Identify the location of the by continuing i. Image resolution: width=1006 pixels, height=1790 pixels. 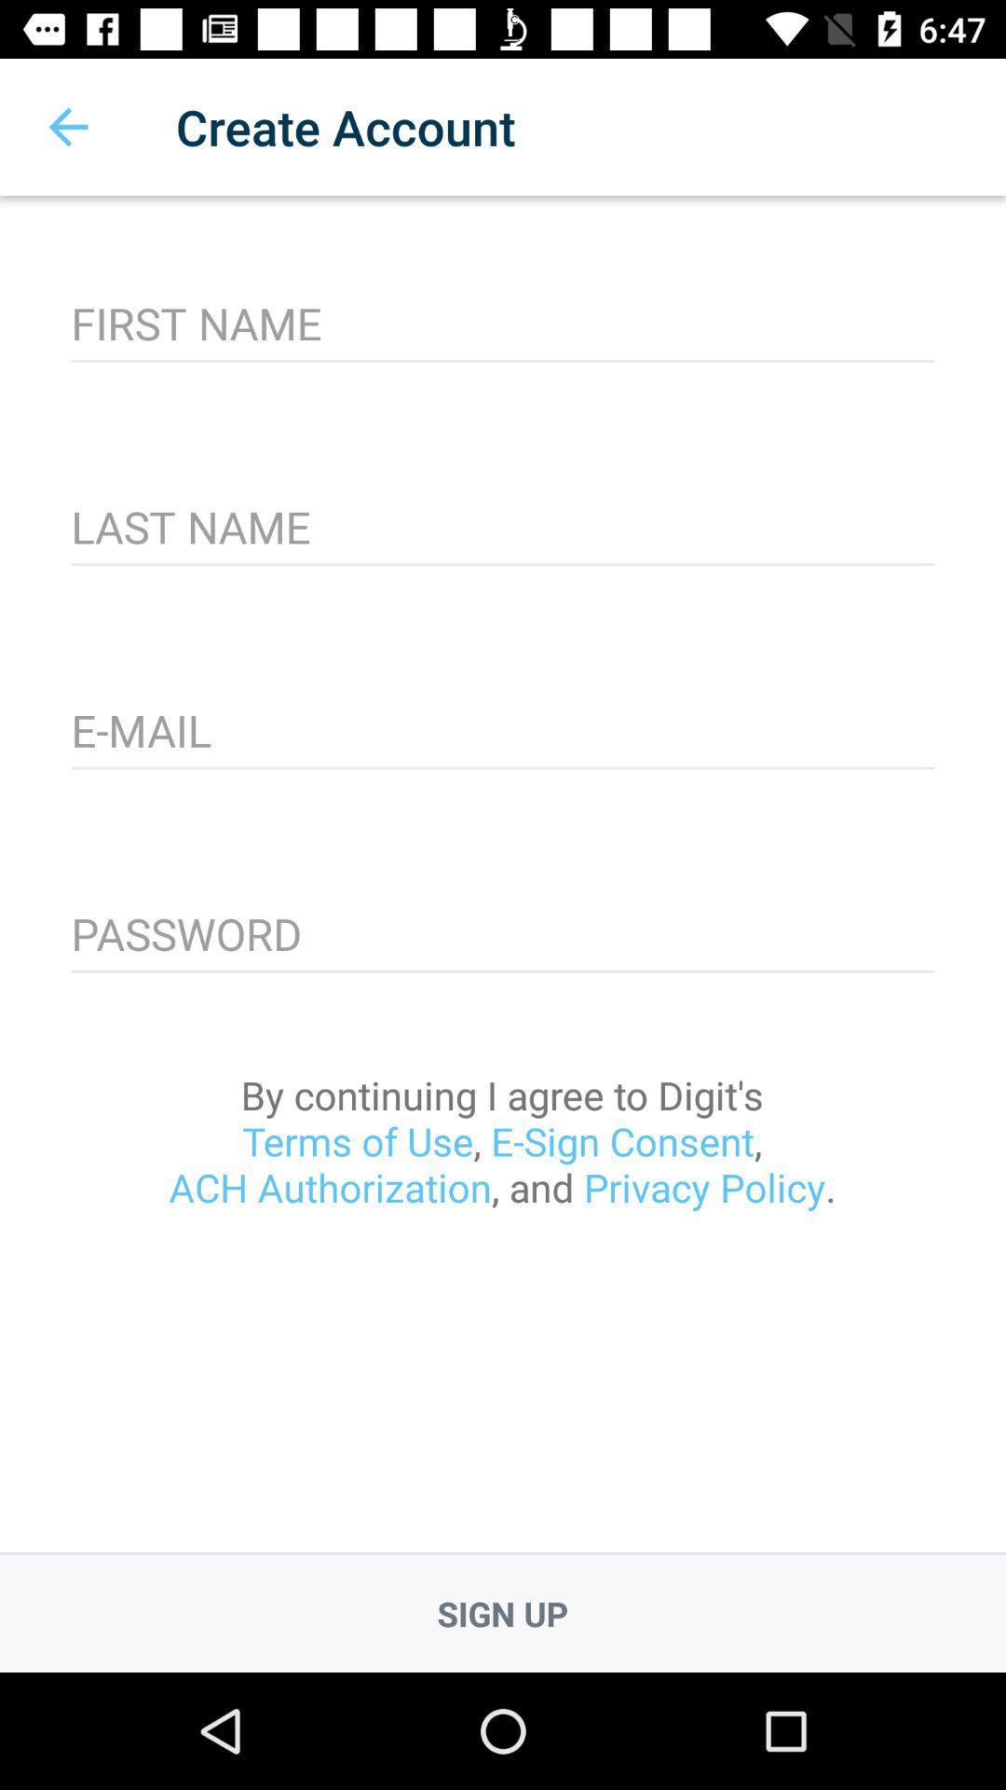
(501, 1140).